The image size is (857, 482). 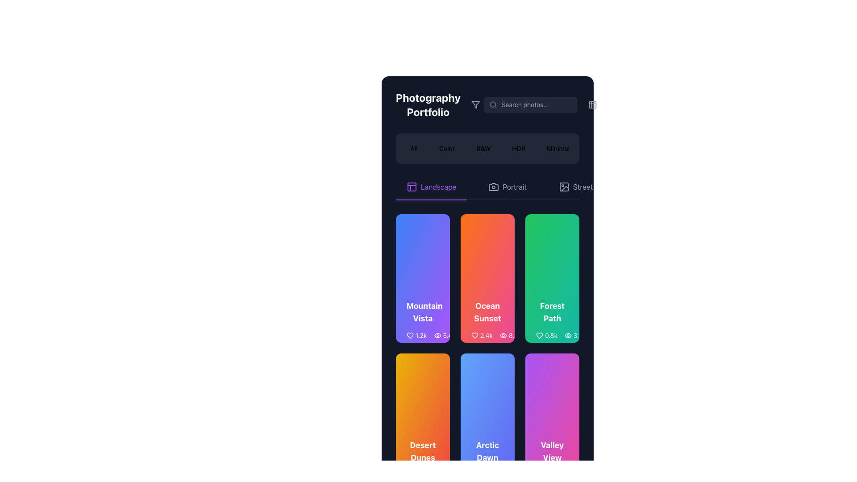 I want to click on the Statistic display module located at the bottom of the 'Mountain Vista' card, which shows metrics '1.2k' and '5.4k' with heart and eye icons, so click(x=431, y=336).